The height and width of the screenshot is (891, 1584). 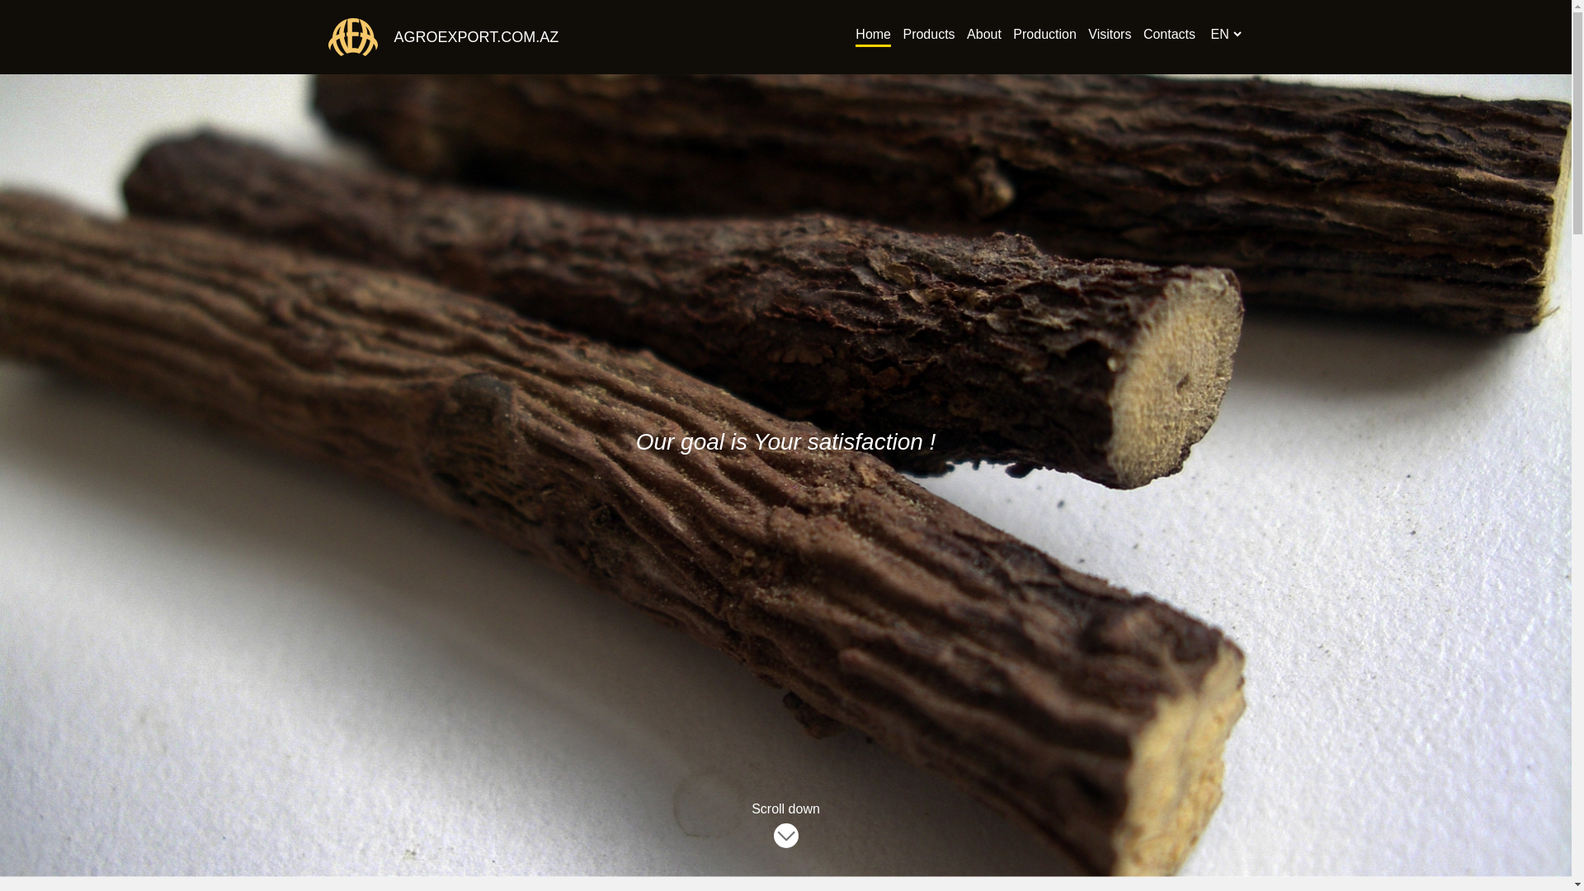 I want to click on 'Products', so click(x=928, y=35).